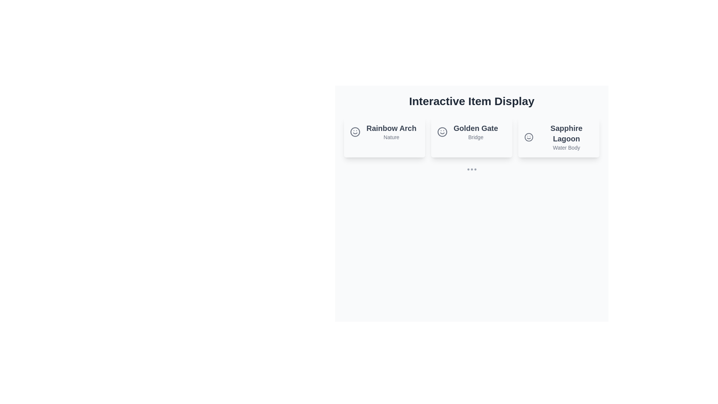  I want to click on the SVG Circle element located in the center of the smiley face icon within the 'Rainbow Arch' card, so click(355, 132).